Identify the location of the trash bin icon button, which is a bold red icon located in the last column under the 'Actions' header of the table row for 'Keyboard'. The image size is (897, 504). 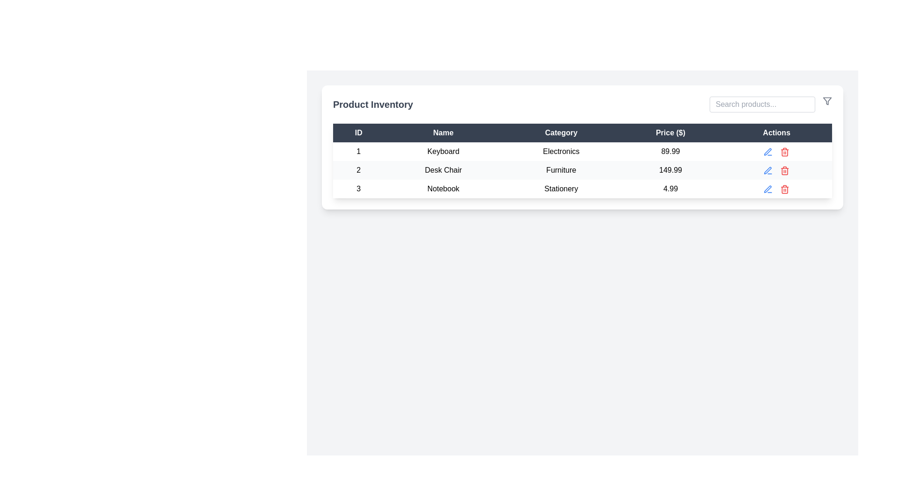
(785, 151).